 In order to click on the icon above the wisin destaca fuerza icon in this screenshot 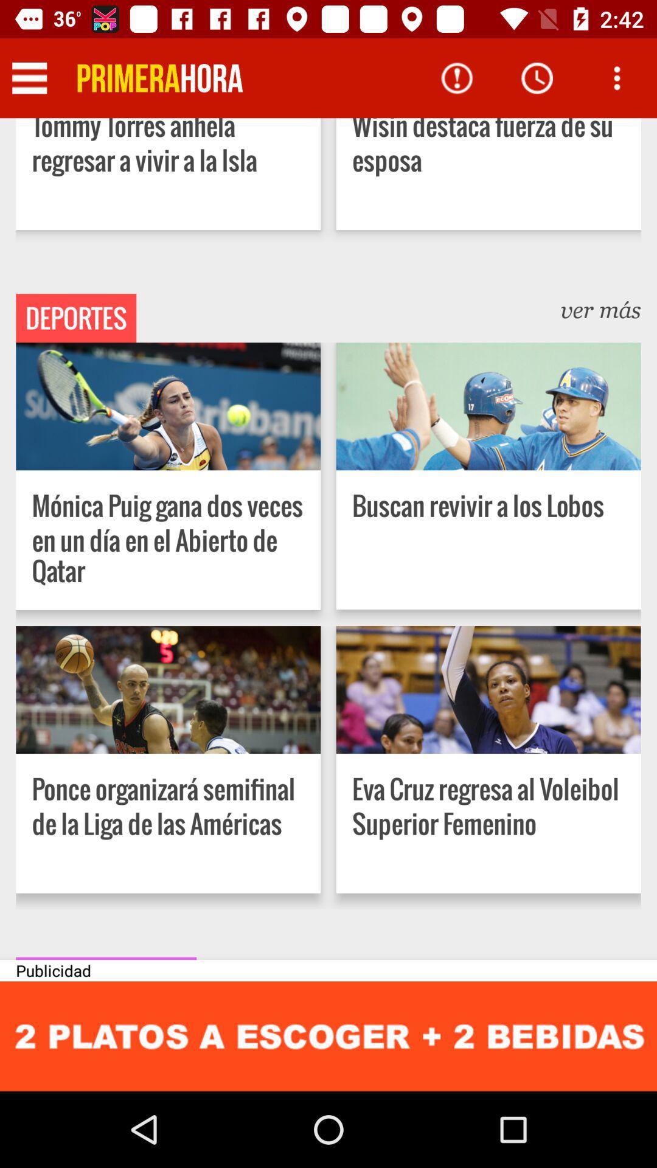, I will do `click(617, 77)`.